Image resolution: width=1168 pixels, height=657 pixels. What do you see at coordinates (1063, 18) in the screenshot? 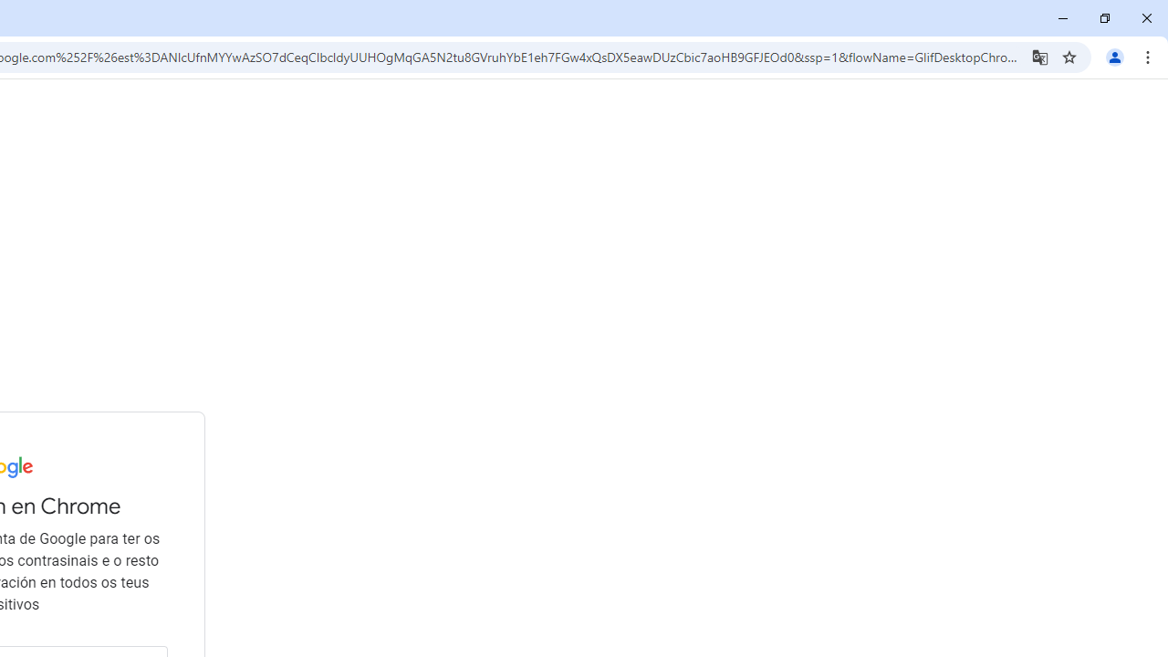
I see `'Minimize'` at bounding box center [1063, 18].